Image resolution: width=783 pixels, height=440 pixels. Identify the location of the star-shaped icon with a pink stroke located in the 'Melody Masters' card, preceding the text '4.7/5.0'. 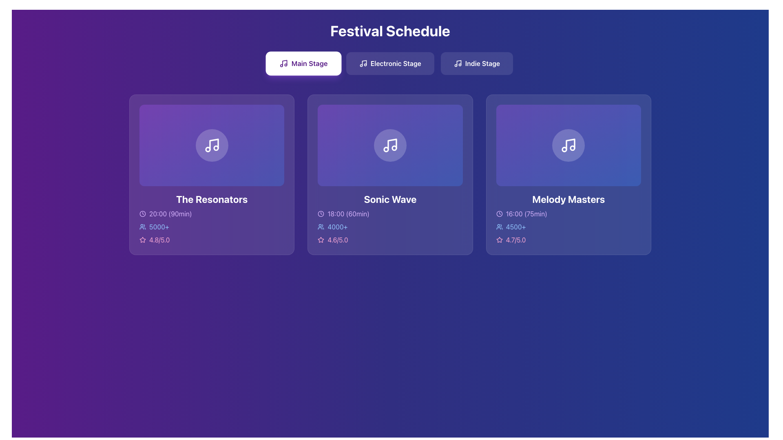
(499, 239).